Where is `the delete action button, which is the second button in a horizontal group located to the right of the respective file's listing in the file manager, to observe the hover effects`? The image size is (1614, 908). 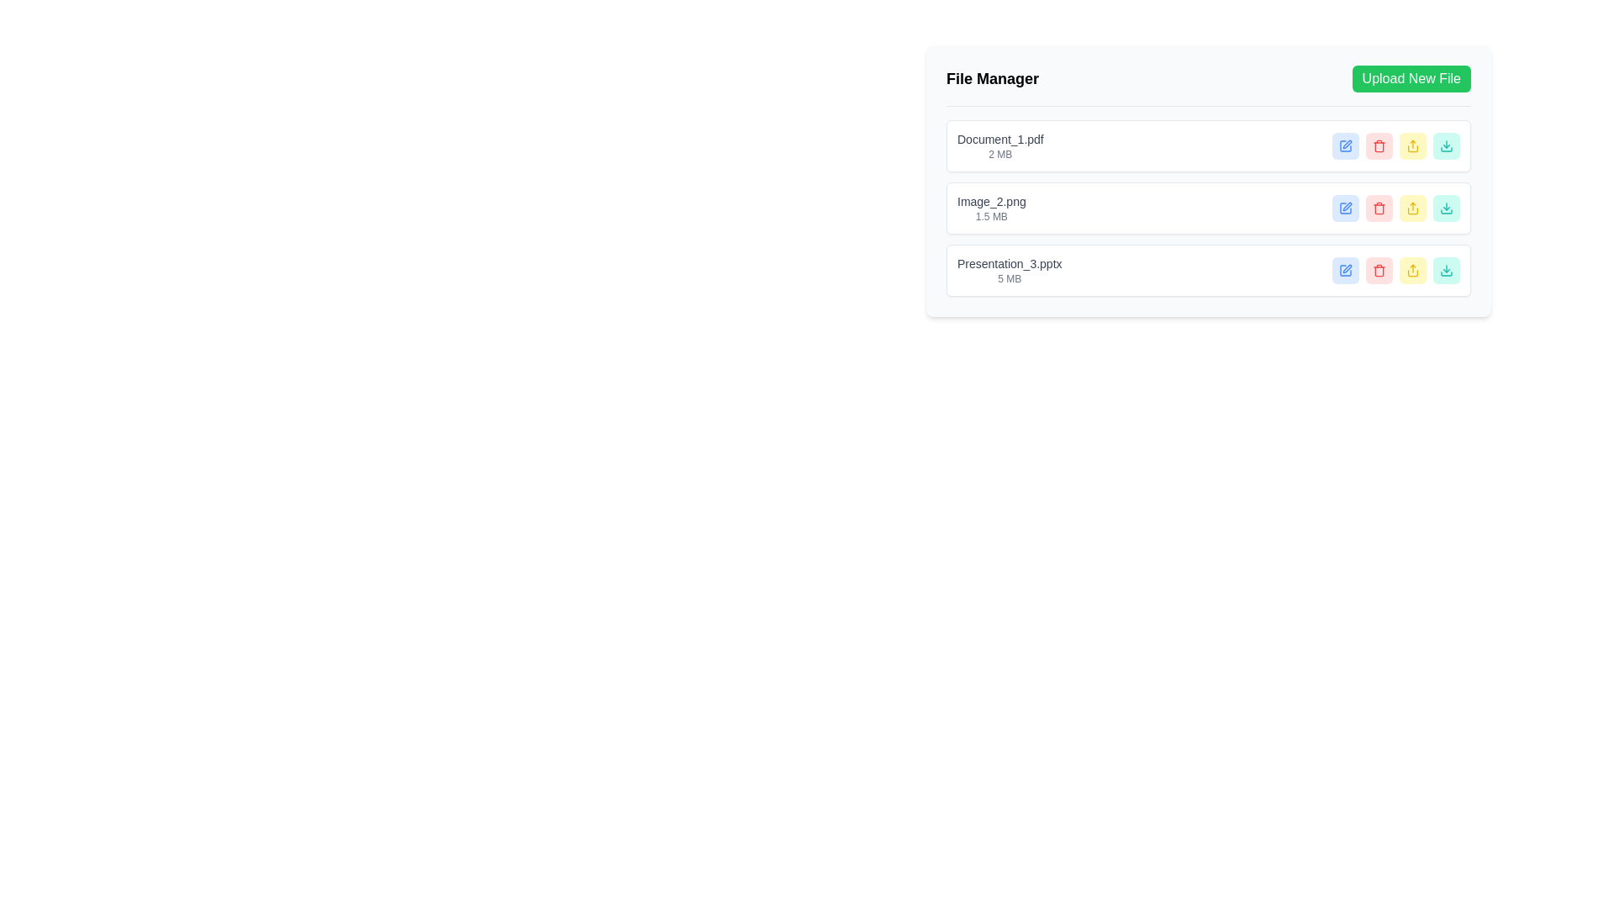
the delete action button, which is the second button in a horizontal group located to the right of the respective file's listing in the file manager, to observe the hover effects is located at coordinates (1379, 145).